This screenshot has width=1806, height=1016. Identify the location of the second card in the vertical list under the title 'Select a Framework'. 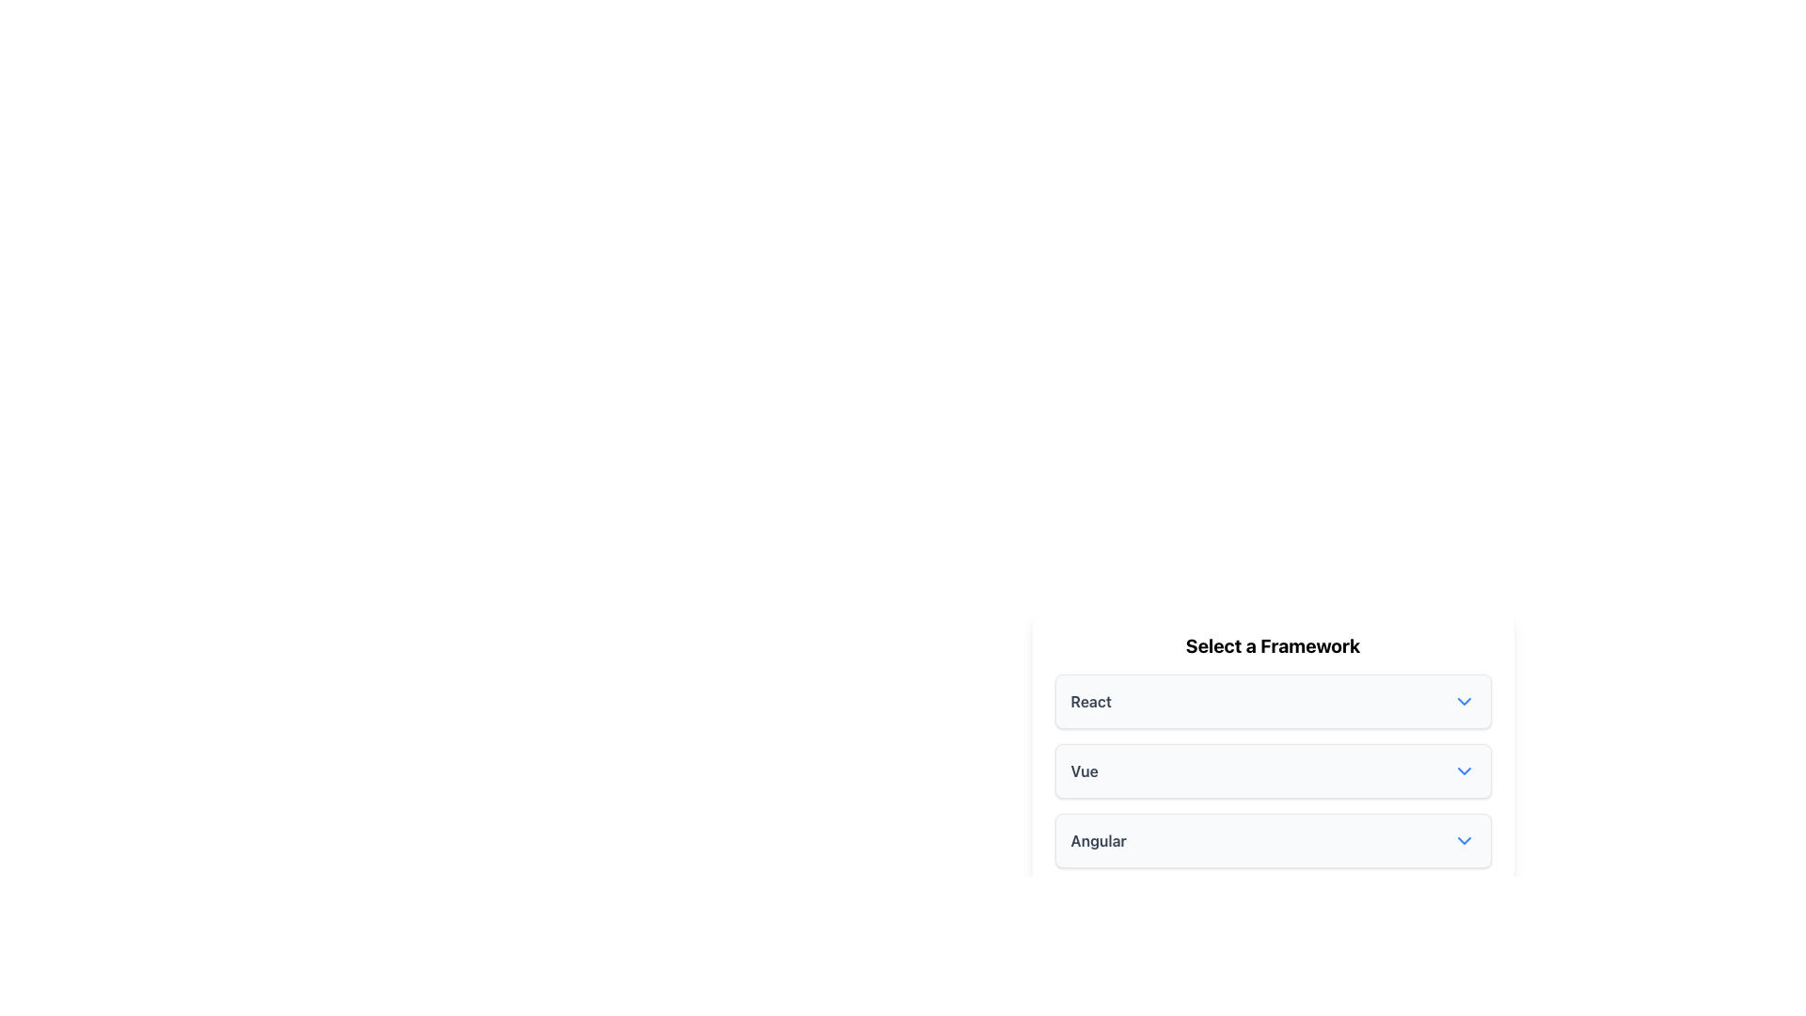
(1273, 804).